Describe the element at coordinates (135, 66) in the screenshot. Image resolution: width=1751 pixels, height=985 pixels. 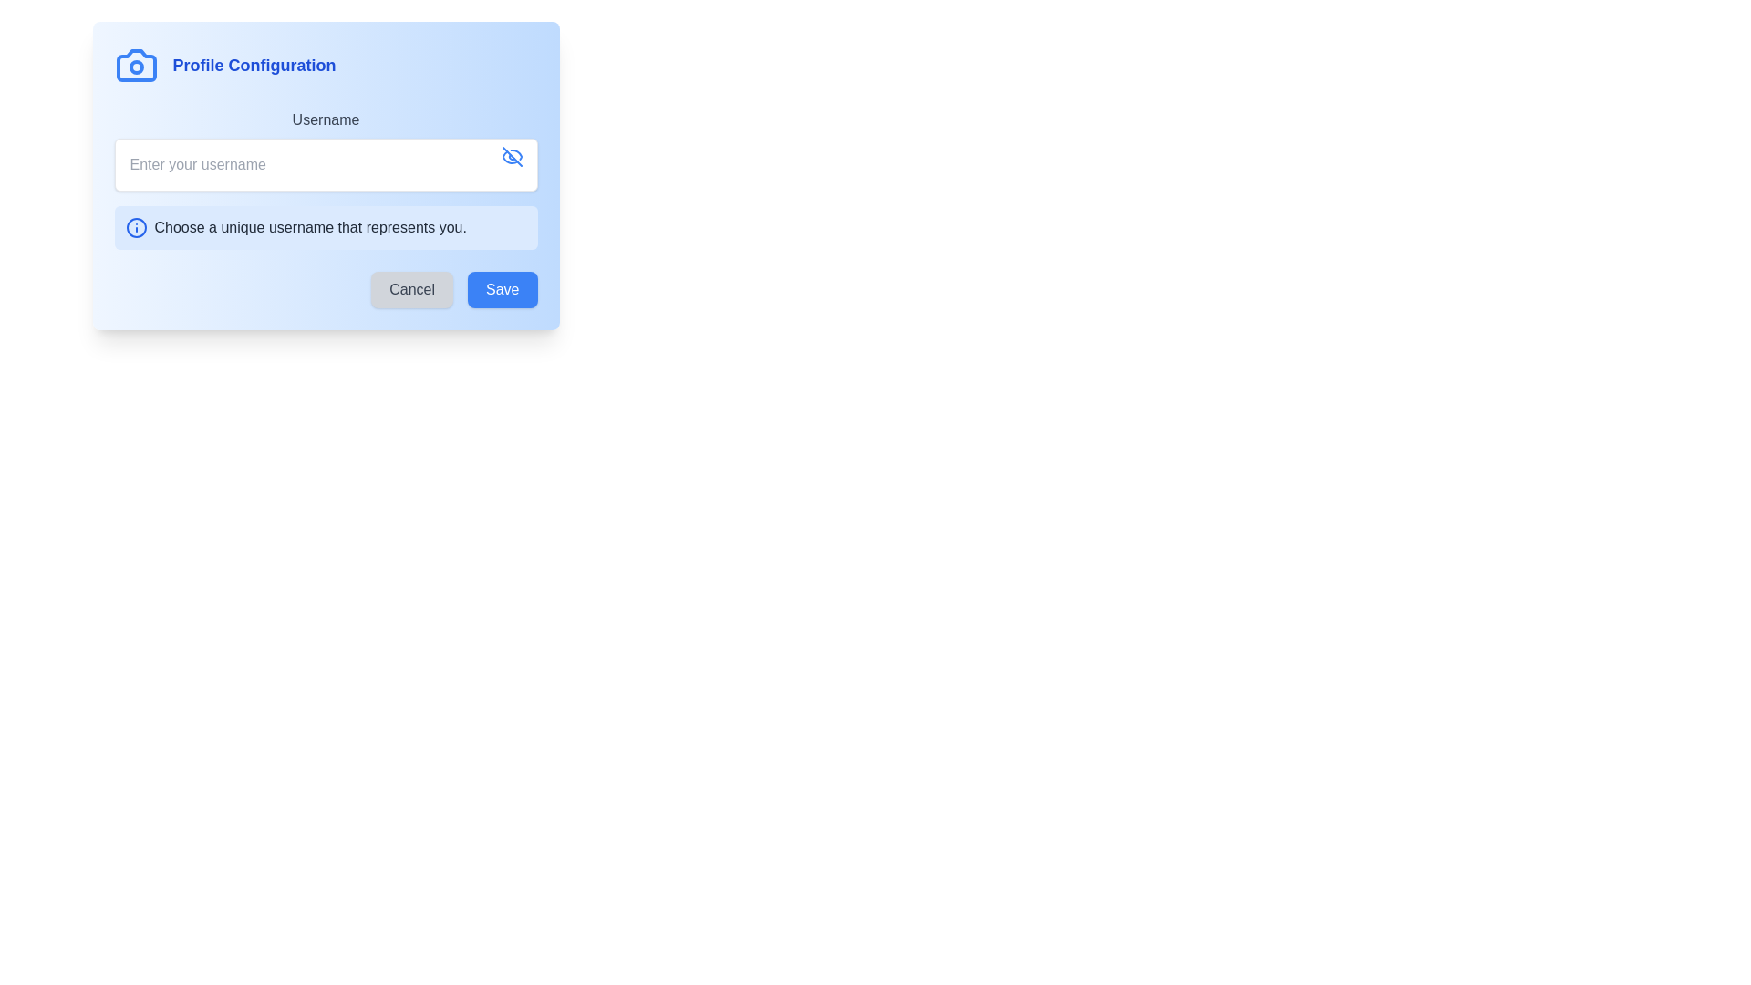
I see `the Decorative Circle that represents the lens in the camera icon, located in the top-left quadrant of the blue panel` at that location.